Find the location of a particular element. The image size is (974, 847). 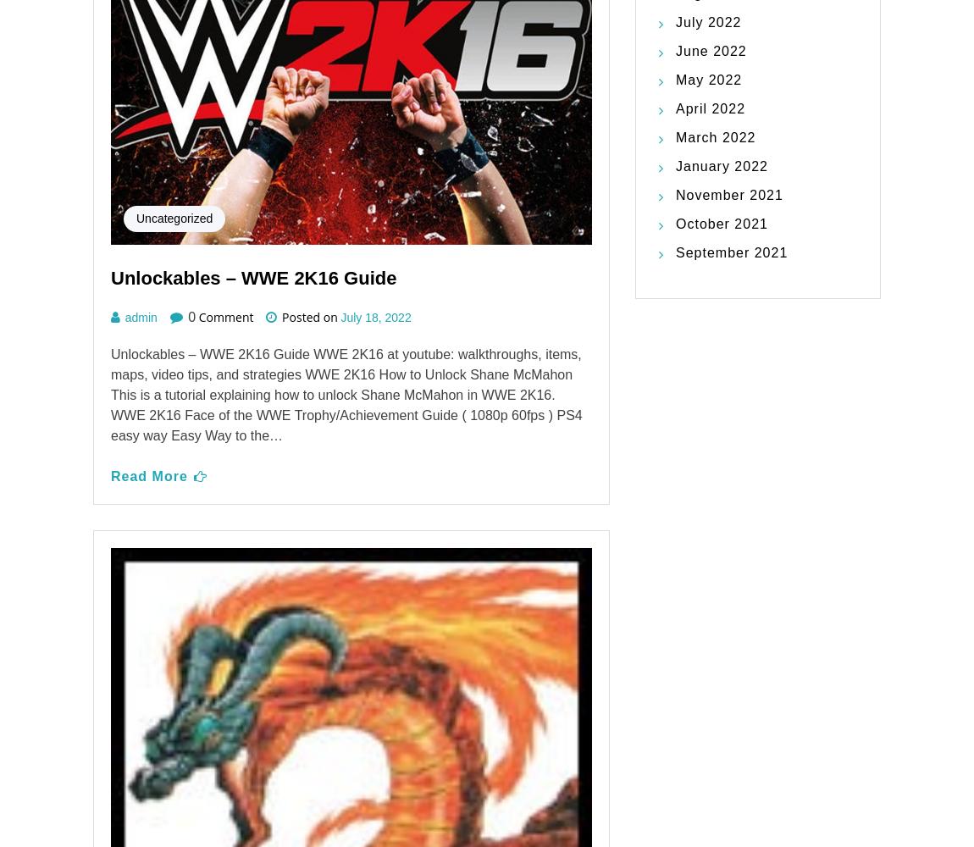

'April 29, 2022' is located at coordinates (377, 490).